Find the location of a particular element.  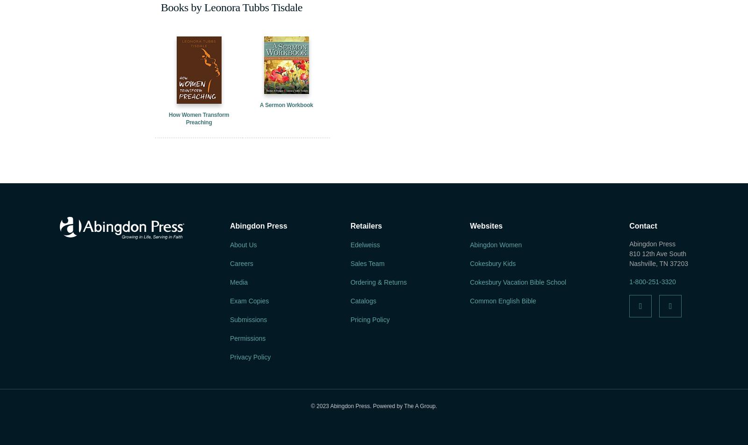

'Privacy Policy' is located at coordinates (250, 357).